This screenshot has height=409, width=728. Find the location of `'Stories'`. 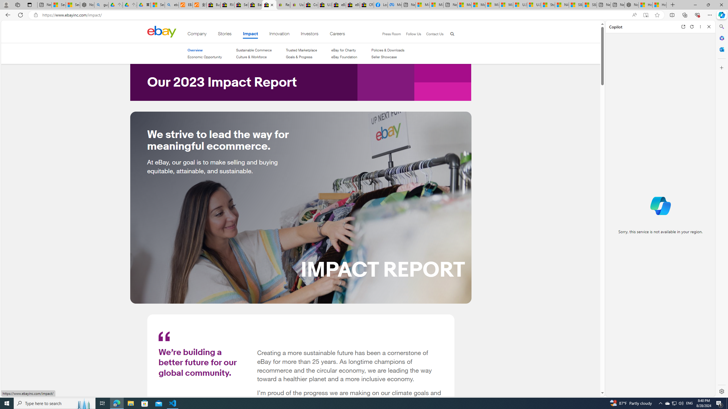

'Stories' is located at coordinates (224, 35).